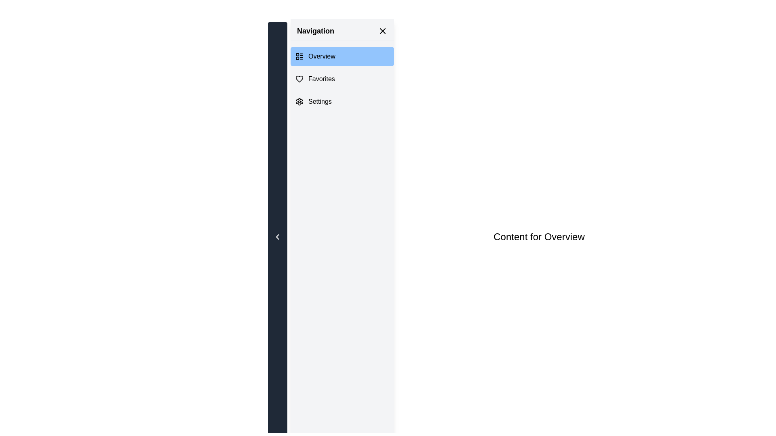 Image resolution: width=776 pixels, height=436 pixels. Describe the element at coordinates (299, 101) in the screenshot. I see `the 'Settings' icon located in the left navigation panel adjacent to the 'Settings' option` at that location.